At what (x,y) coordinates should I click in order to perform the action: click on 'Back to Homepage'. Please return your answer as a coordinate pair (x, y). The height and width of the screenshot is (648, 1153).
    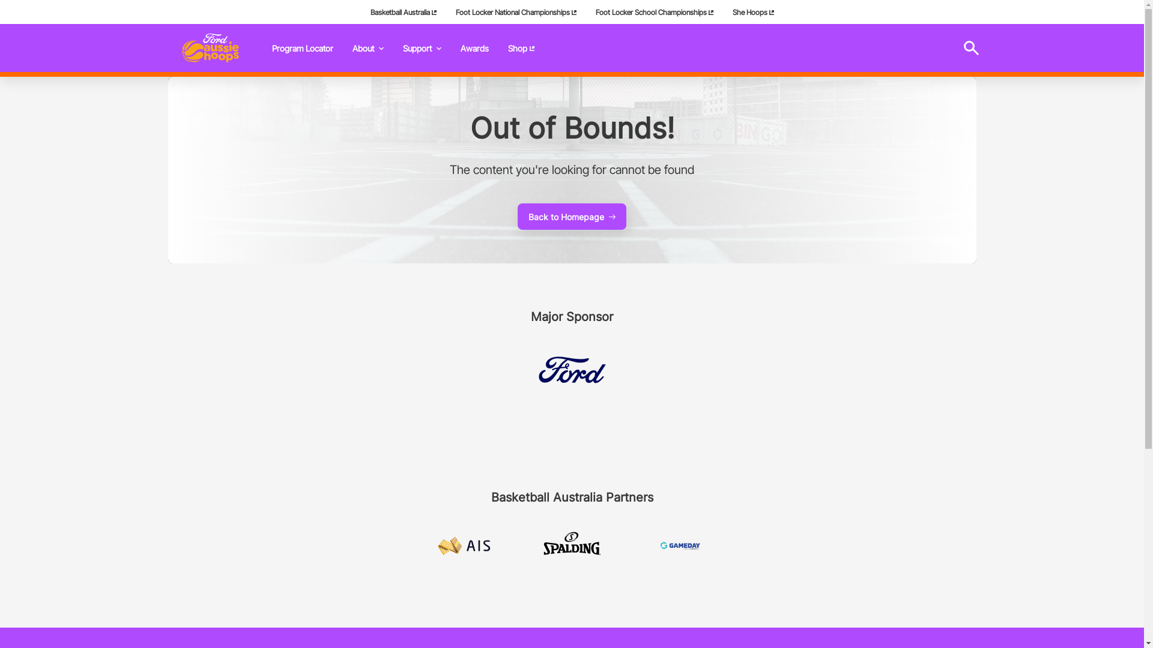
    Looking at the image, I should click on (571, 217).